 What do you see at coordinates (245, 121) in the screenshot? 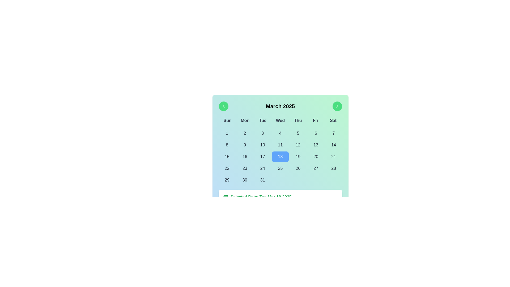
I see `the 'Monday' text label, which is the second item in the series of weekday headers in the calendar interface` at bounding box center [245, 121].